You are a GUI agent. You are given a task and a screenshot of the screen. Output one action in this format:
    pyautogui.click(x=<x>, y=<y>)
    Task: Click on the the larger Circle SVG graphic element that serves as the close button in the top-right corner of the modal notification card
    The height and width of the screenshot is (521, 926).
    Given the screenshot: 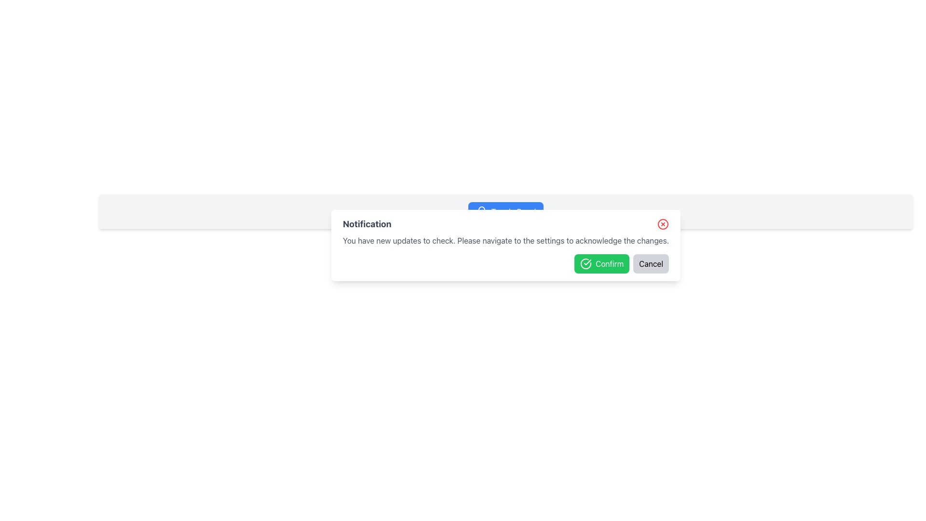 What is the action you would take?
    pyautogui.click(x=663, y=224)
    